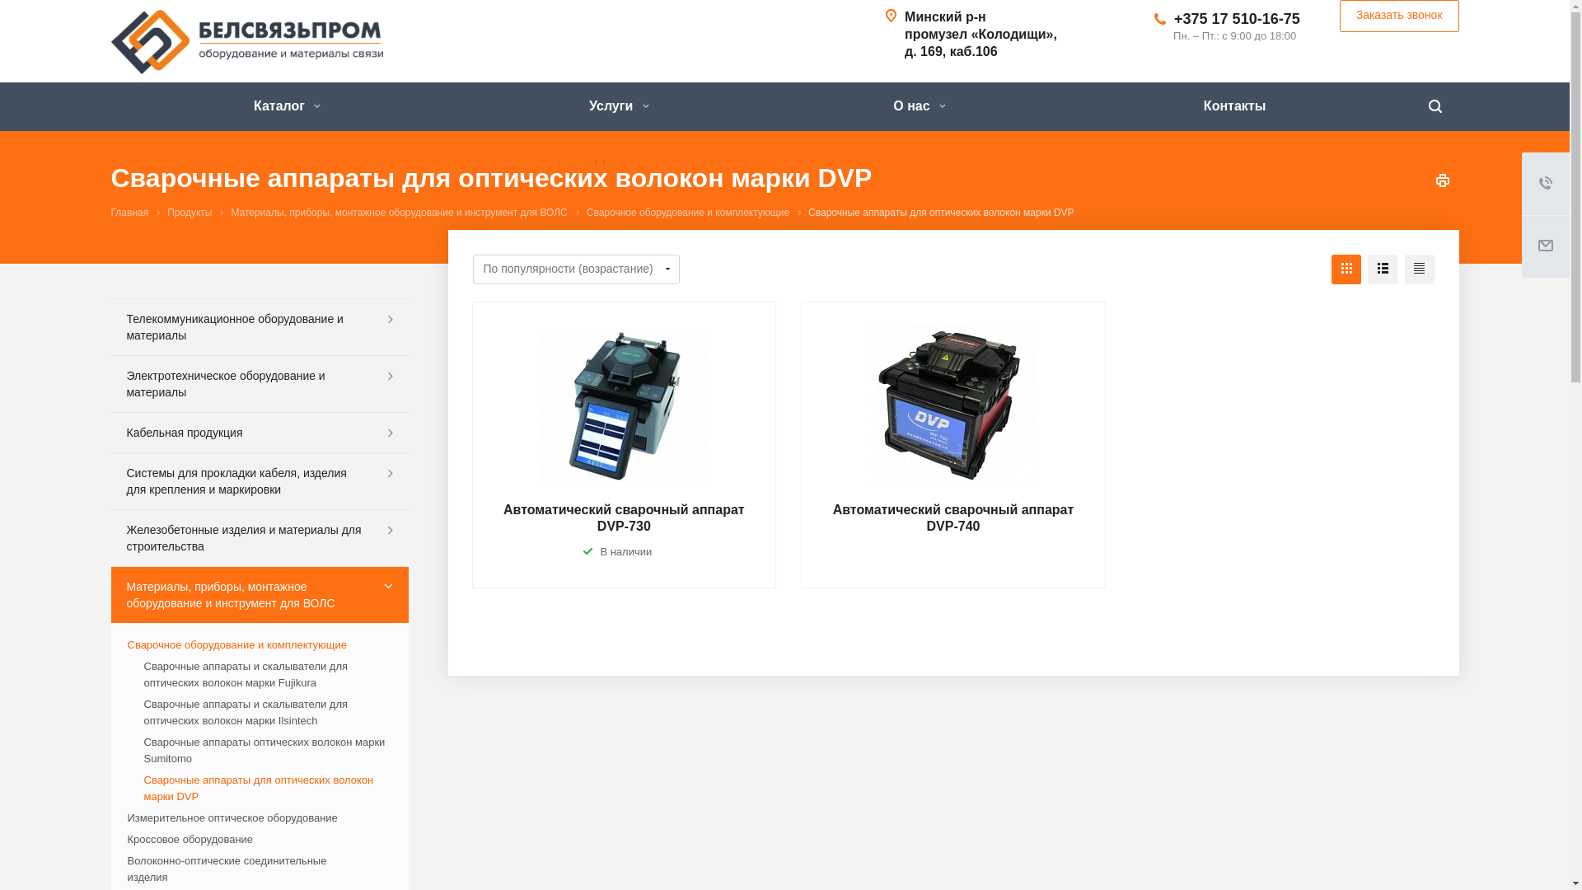 The image size is (1582, 890). What do you see at coordinates (1237, 19) in the screenshot?
I see `'+375 17 510-16-75'` at bounding box center [1237, 19].